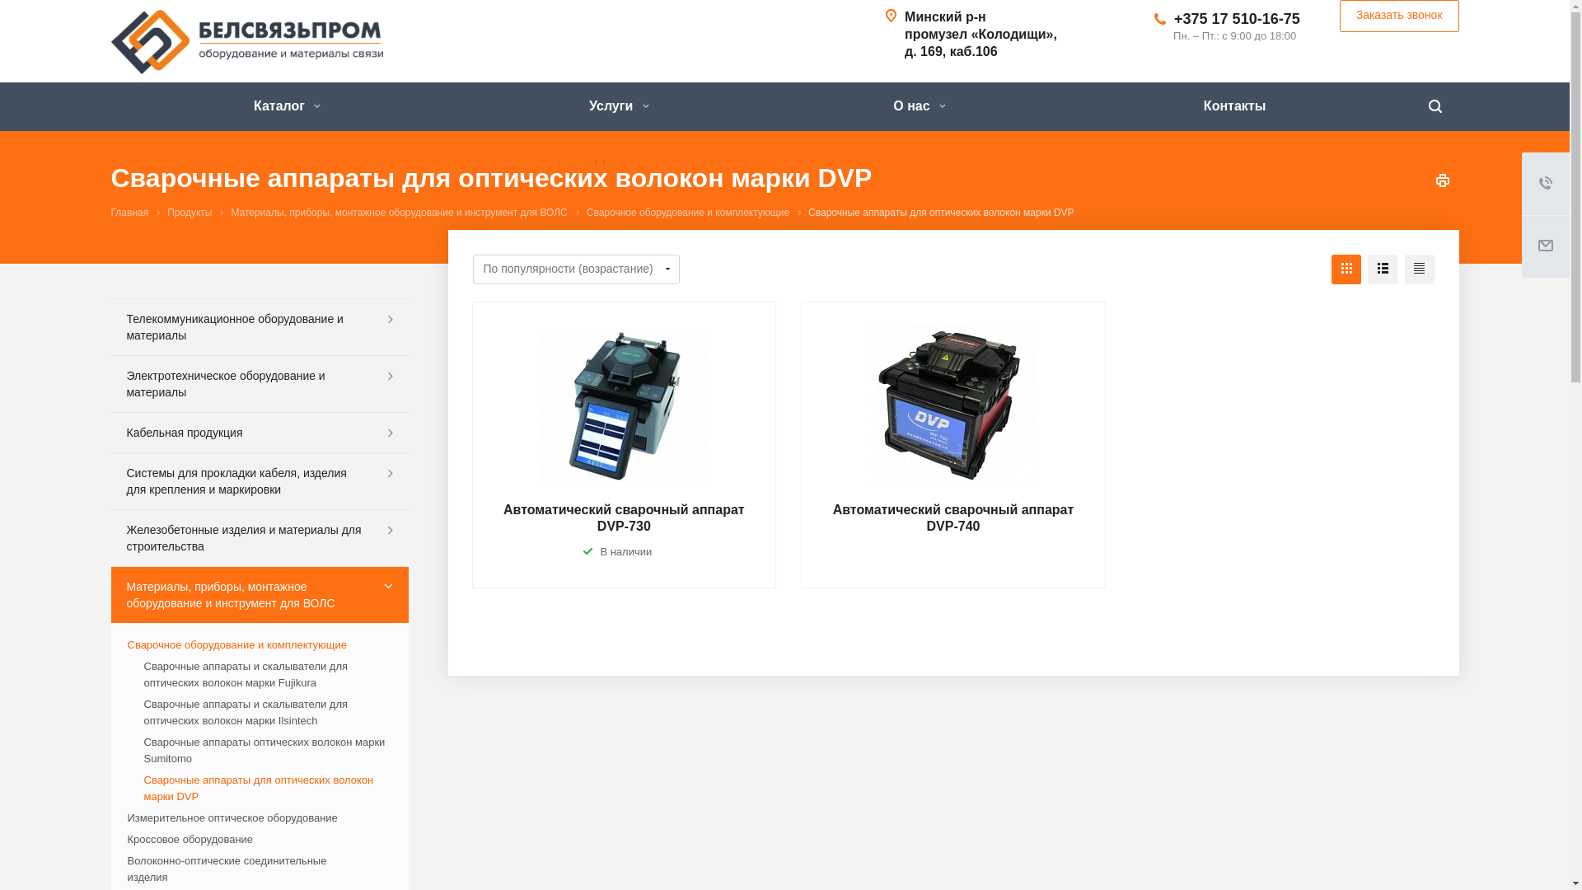 The image size is (1582, 890). What do you see at coordinates (1237, 19) in the screenshot?
I see `'+375 17 510-16-75'` at bounding box center [1237, 19].